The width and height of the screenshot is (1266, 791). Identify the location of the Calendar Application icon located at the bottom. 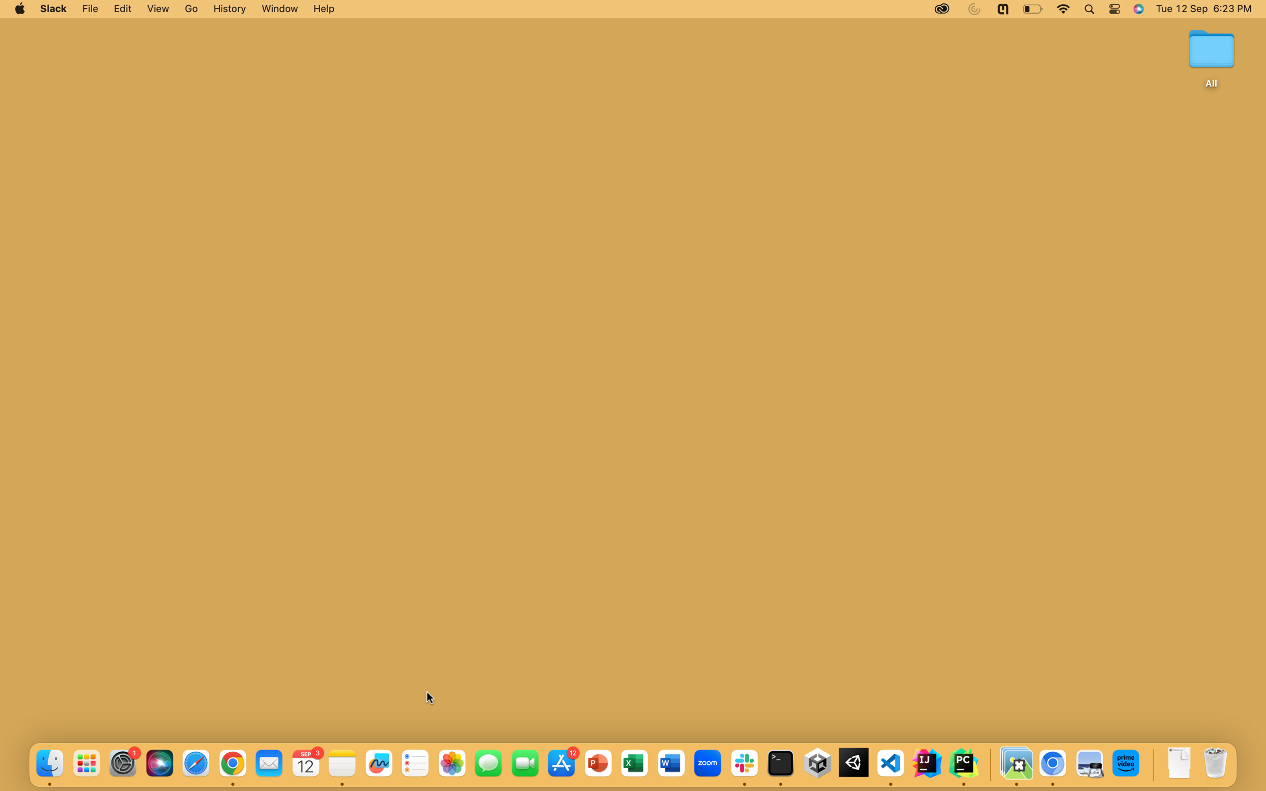
(307, 763).